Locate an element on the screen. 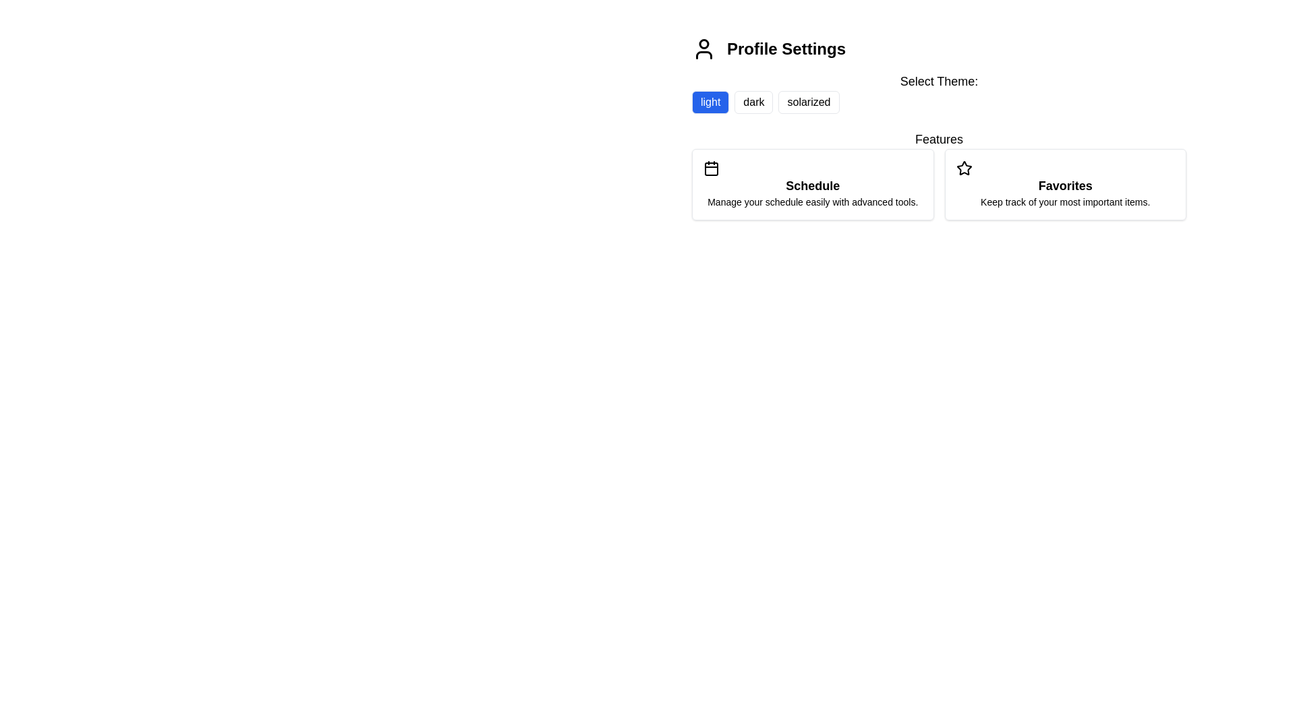 This screenshot has height=728, width=1295. the SVG rectangle within the calendar icon that represents the calendar's body, located centrally within the first card of the 'Features' section, to the left of the 'Schedule' text is located at coordinates (711, 168).